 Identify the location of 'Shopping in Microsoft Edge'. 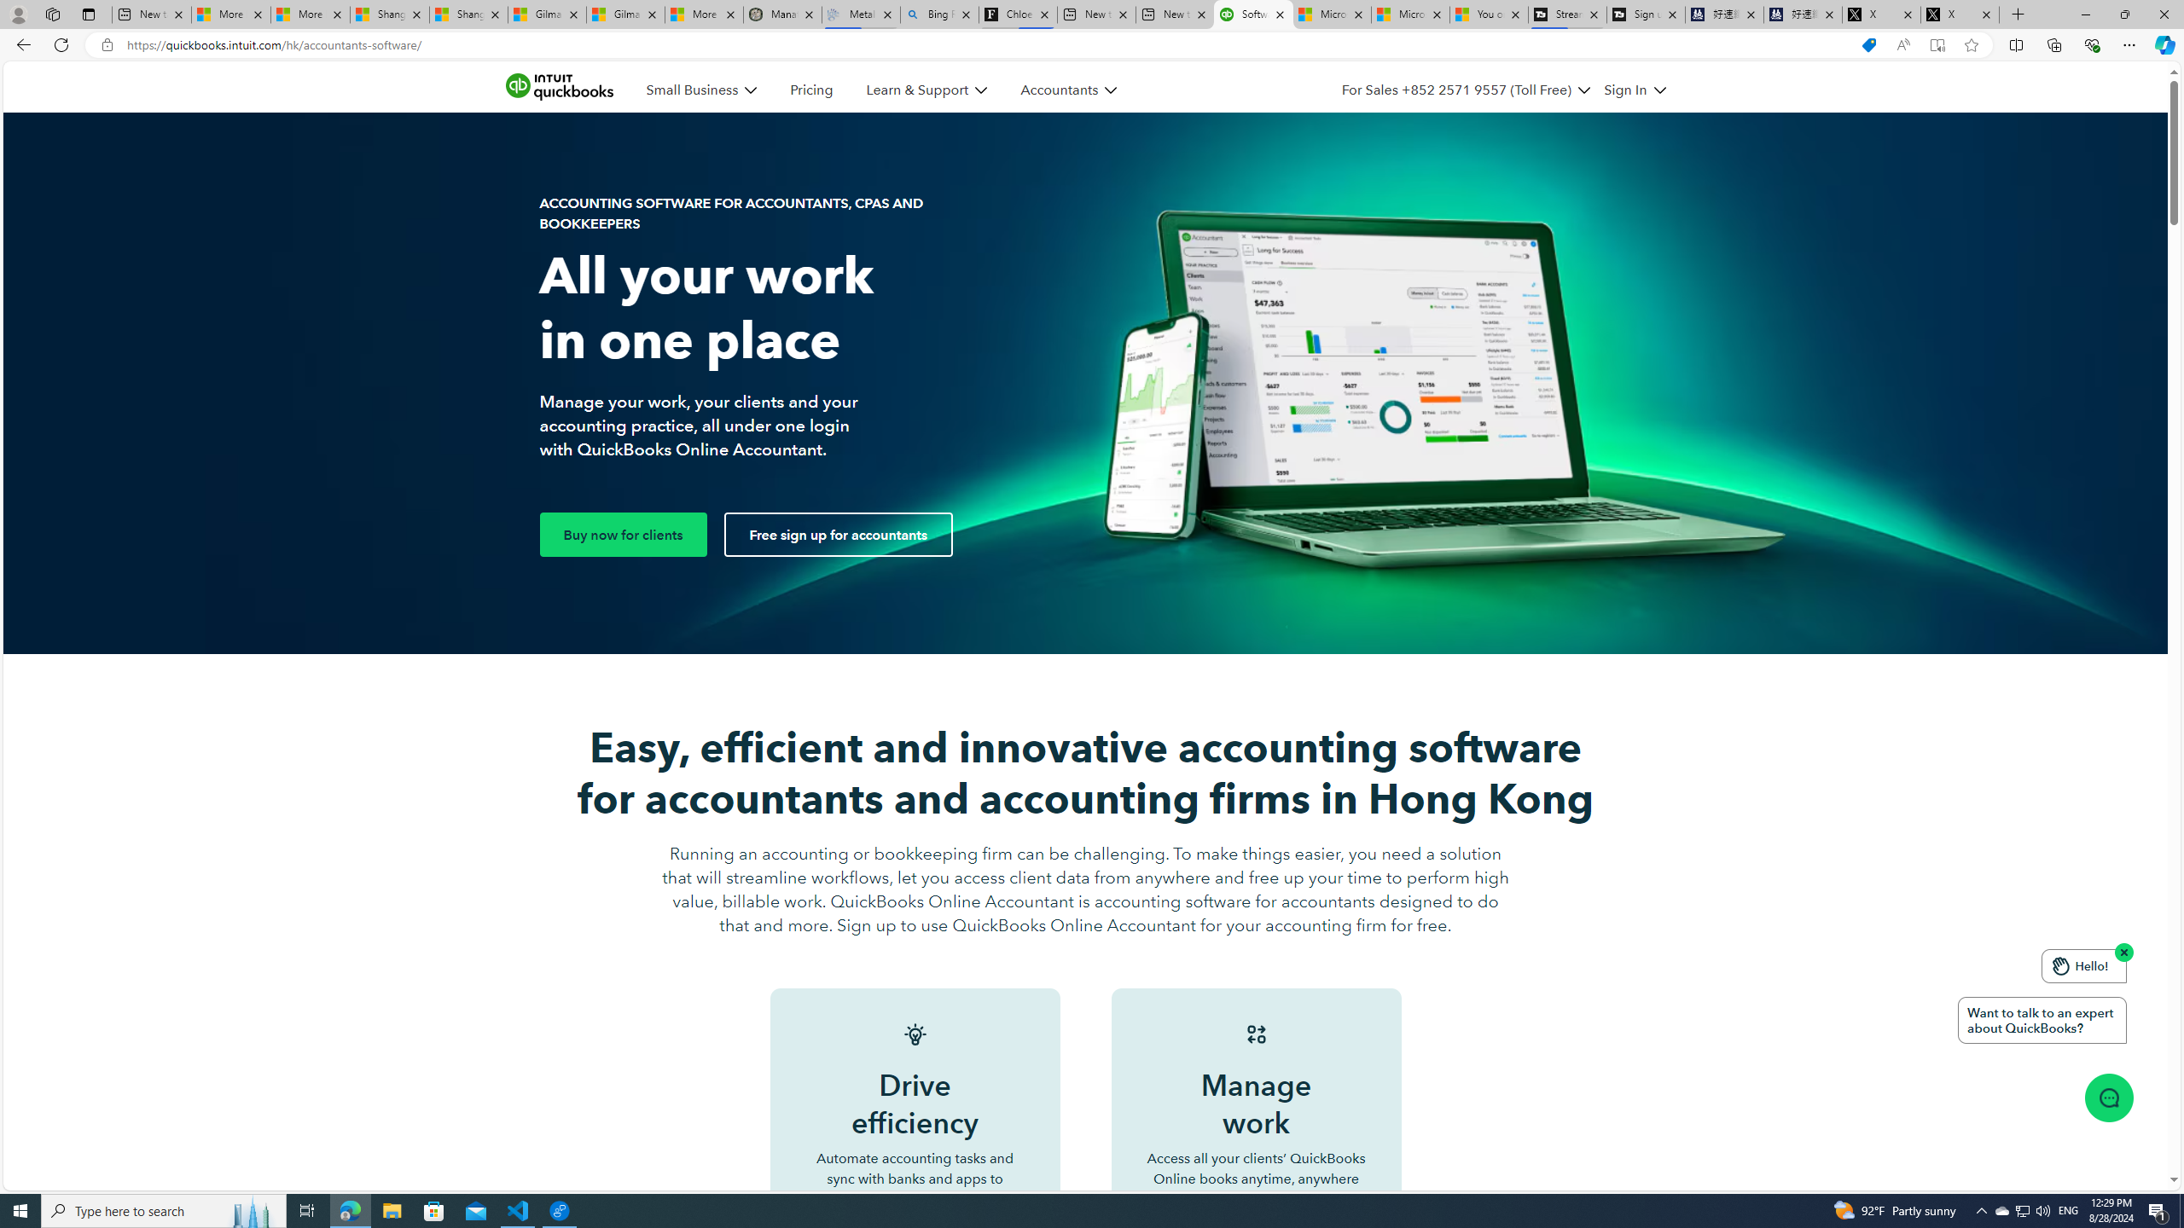
(1868, 45).